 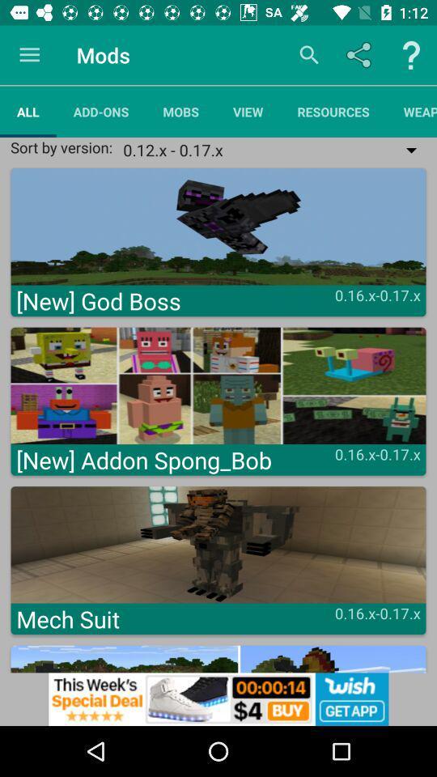 What do you see at coordinates (411, 55) in the screenshot?
I see `help button` at bounding box center [411, 55].